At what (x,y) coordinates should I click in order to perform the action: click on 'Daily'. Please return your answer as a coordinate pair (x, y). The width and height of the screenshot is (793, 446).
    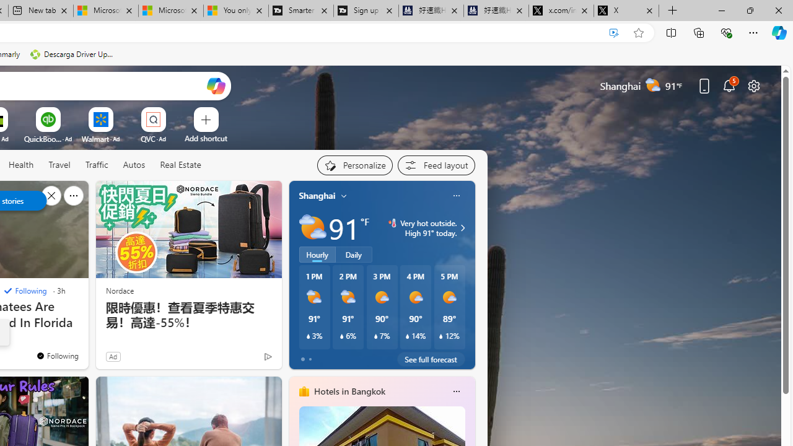
    Looking at the image, I should click on (353, 254).